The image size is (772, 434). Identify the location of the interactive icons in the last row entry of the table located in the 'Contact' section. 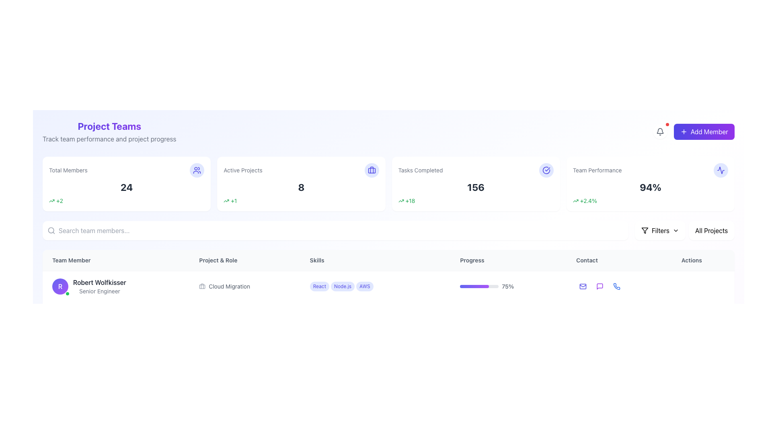
(619, 347).